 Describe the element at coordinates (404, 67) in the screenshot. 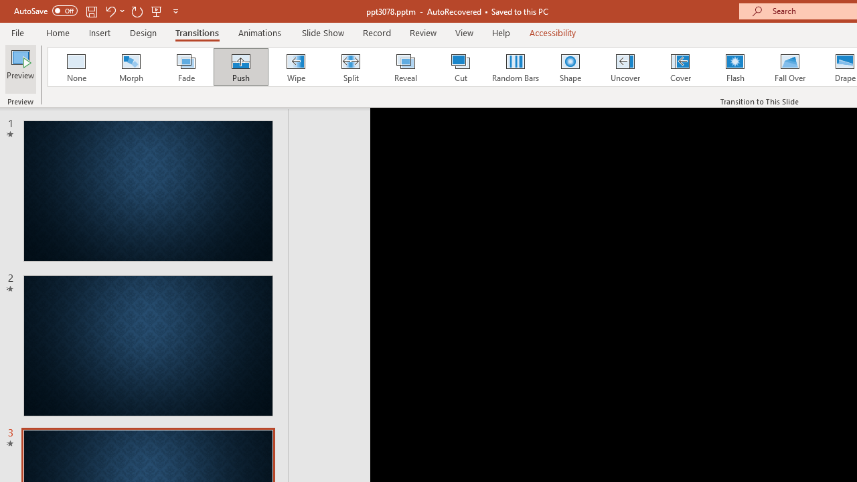

I see `'Reveal'` at that location.